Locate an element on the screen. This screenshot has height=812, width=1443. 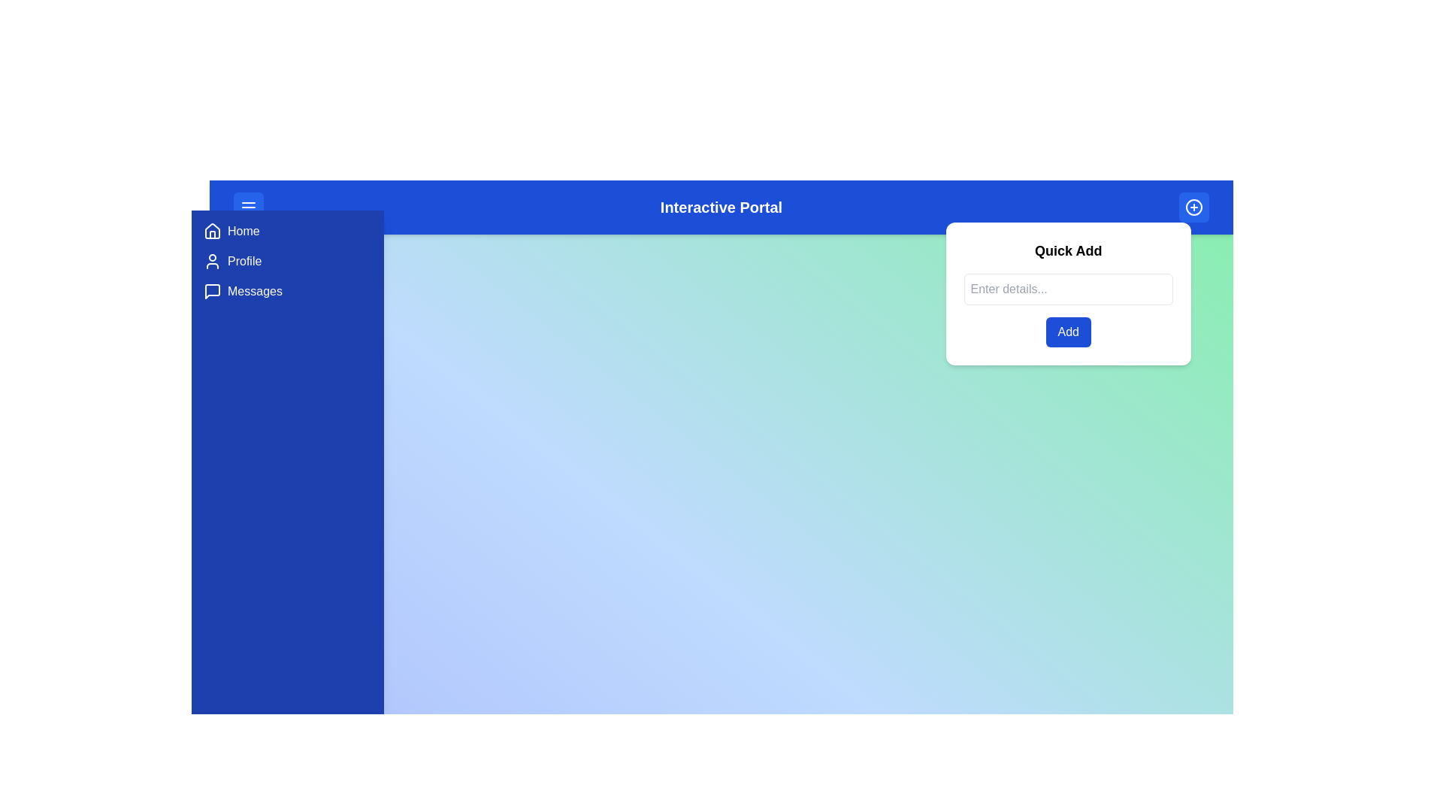
the Home item from the side navigation menu is located at coordinates (288, 232).